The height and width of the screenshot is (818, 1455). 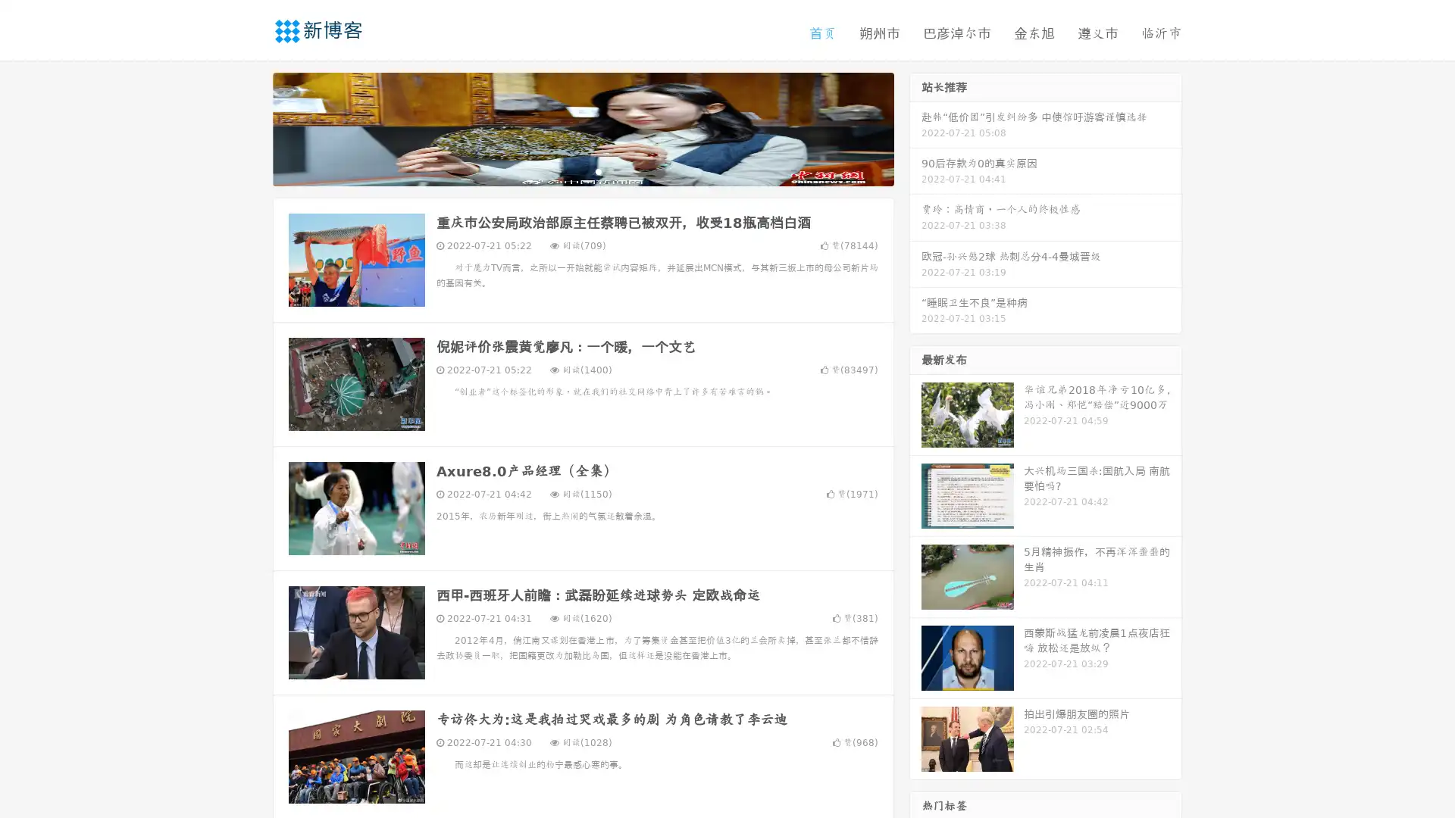 What do you see at coordinates (582, 170) in the screenshot?
I see `Go to slide 2` at bounding box center [582, 170].